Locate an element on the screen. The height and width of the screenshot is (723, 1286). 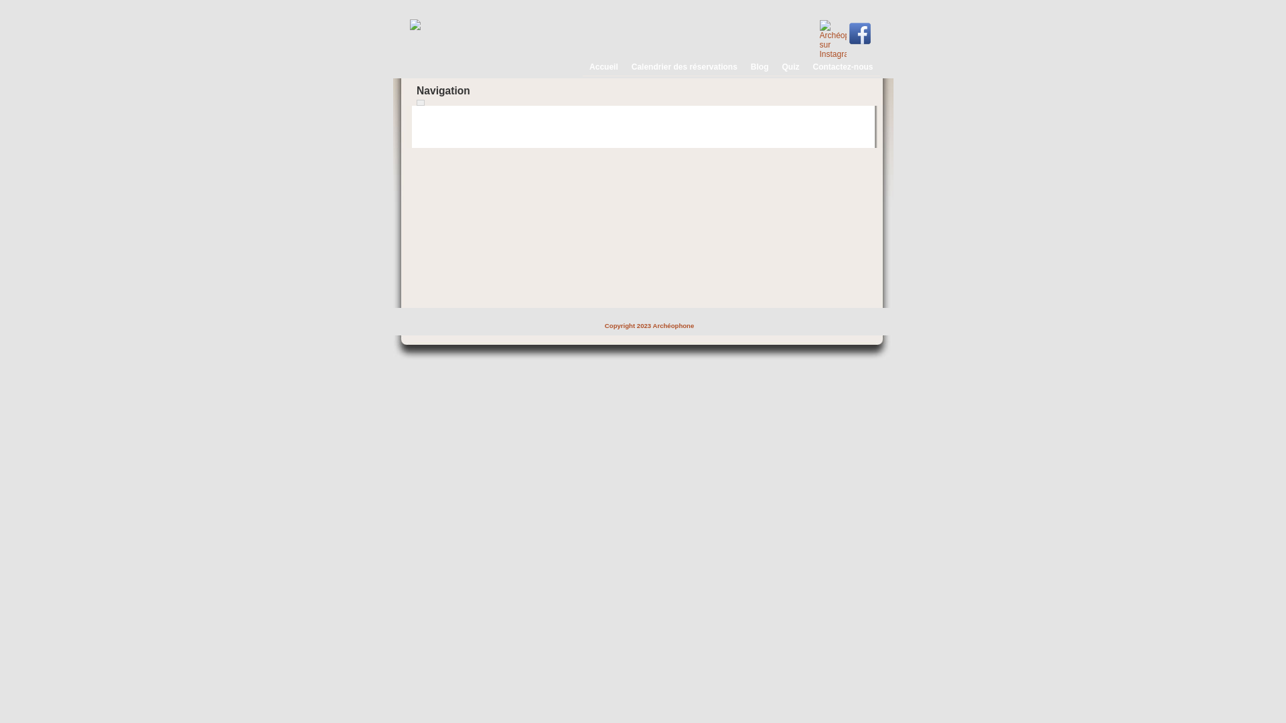
'Contactez-nous' is located at coordinates (841, 64).